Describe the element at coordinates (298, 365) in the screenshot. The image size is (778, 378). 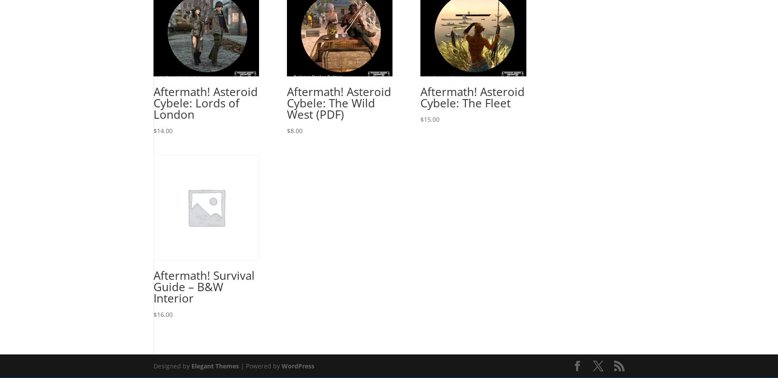
I see `'WordPress'` at that location.